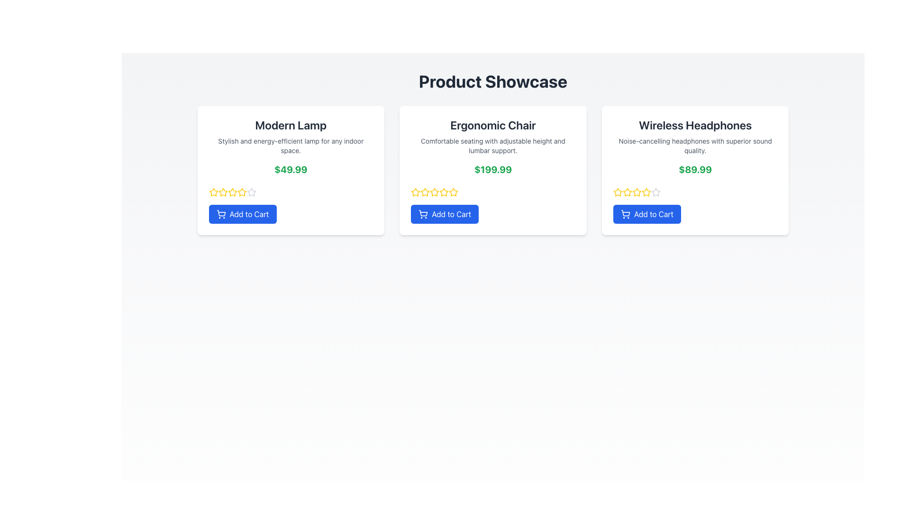 This screenshot has height=512, width=910. What do you see at coordinates (655, 192) in the screenshot?
I see `the fifth star icon in the star-rating component for the Wireless Headphones product, which is styled with a gray color and represents an inactive star` at bounding box center [655, 192].